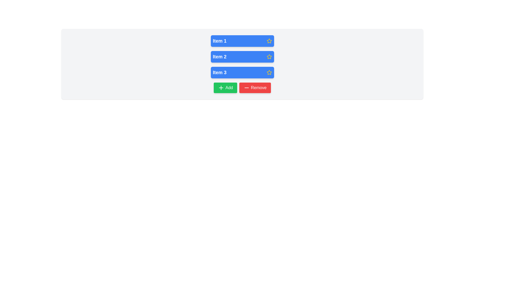 Image resolution: width=506 pixels, height=284 pixels. I want to click on the icon located in the top-right corner of the 'Item 2' button, so click(269, 57).